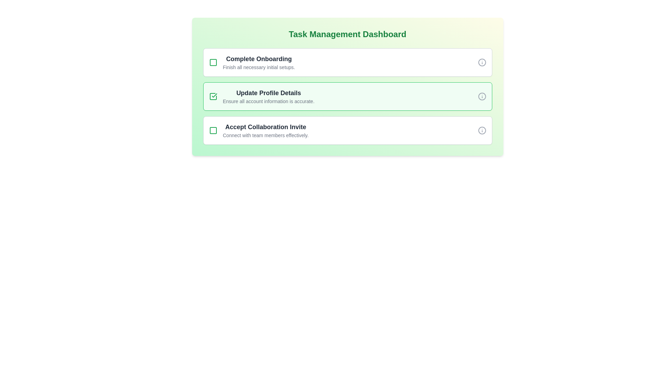 This screenshot has height=375, width=667. What do you see at coordinates (481, 62) in the screenshot?
I see `the SVG Circle element that has a hollow gray outline, which represents informational content, located near the right end of the second task item in the task list interface` at bounding box center [481, 62].